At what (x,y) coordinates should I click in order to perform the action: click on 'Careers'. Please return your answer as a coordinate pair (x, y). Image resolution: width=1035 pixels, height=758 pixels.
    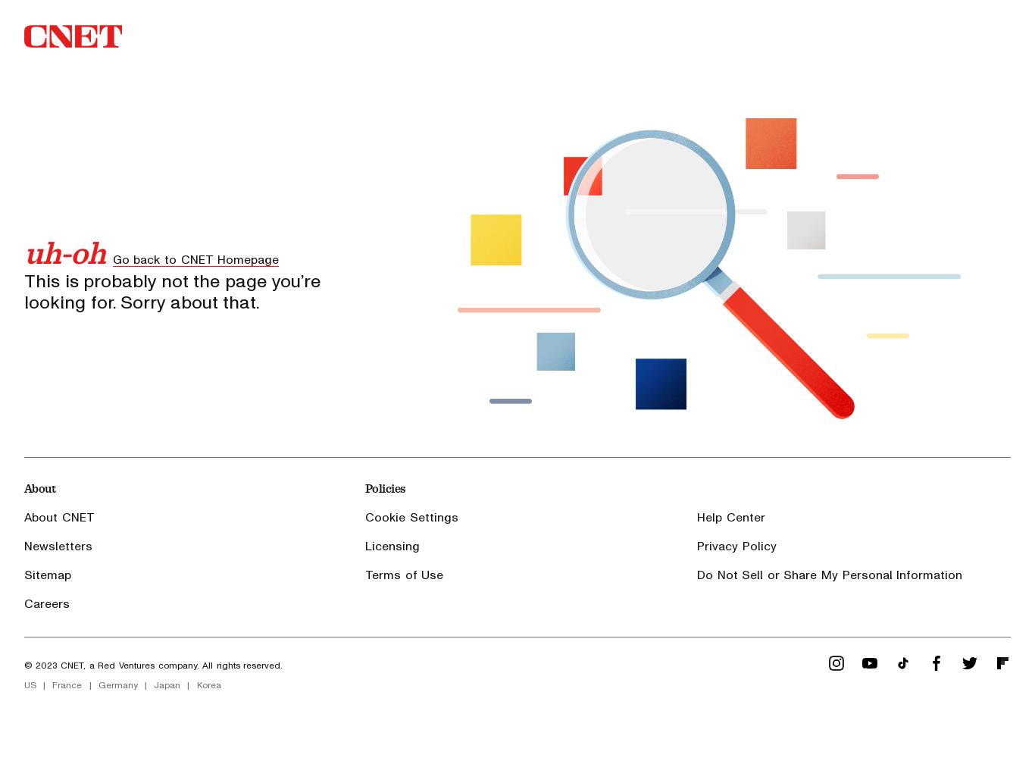
    Looking at the image, I should click on (47, 603).